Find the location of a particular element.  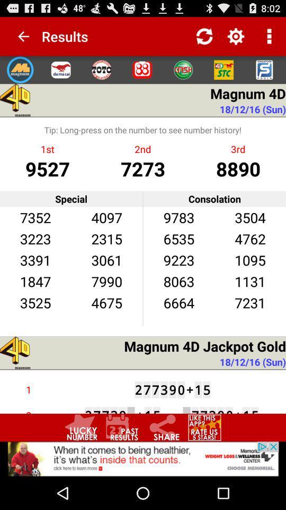

the email icon is located at coordinates (61, 74).